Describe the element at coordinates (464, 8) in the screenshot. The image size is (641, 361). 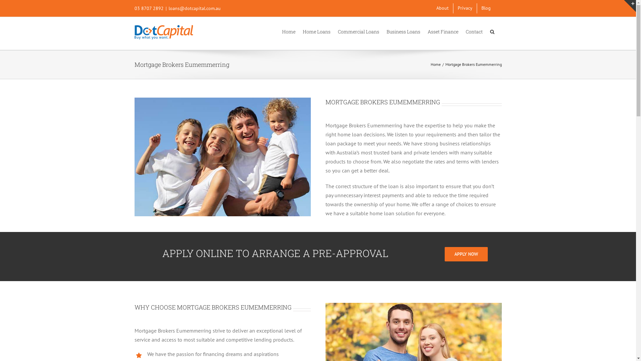
I see `'Privacy'` at that location.